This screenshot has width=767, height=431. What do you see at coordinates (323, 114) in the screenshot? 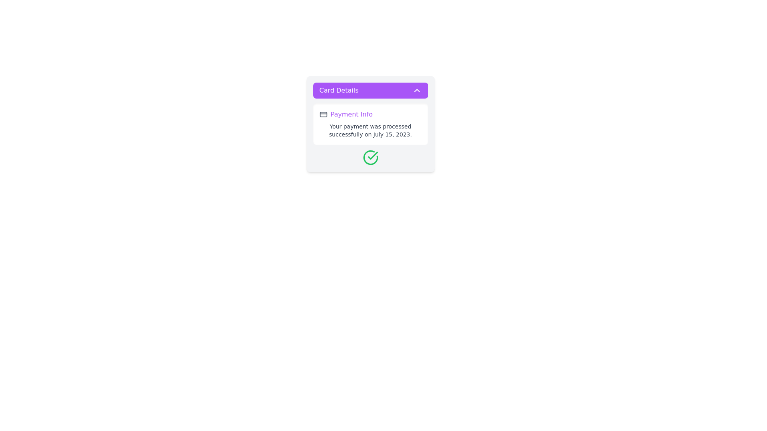
I see `the payment icon that visually represents payment or financial details, located on the left side within the 'Payment Info' section` at bounding box center [323, 114].